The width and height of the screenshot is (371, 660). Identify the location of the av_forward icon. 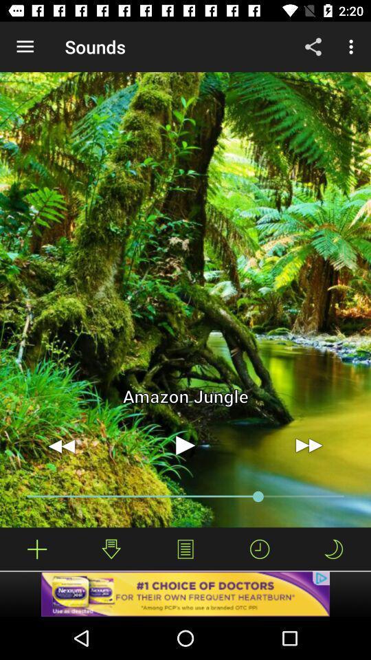
(308, 445).